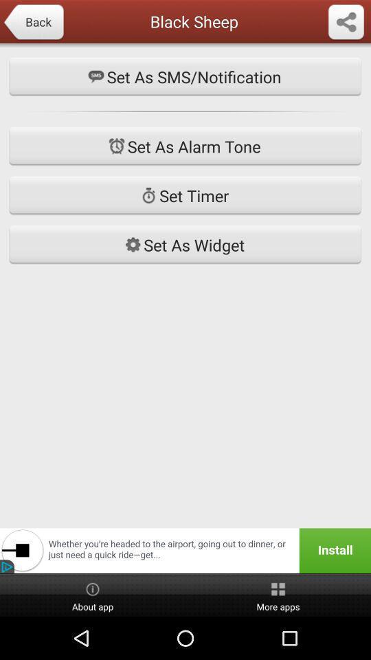  I want to click on advertisement, so click(185, 551).